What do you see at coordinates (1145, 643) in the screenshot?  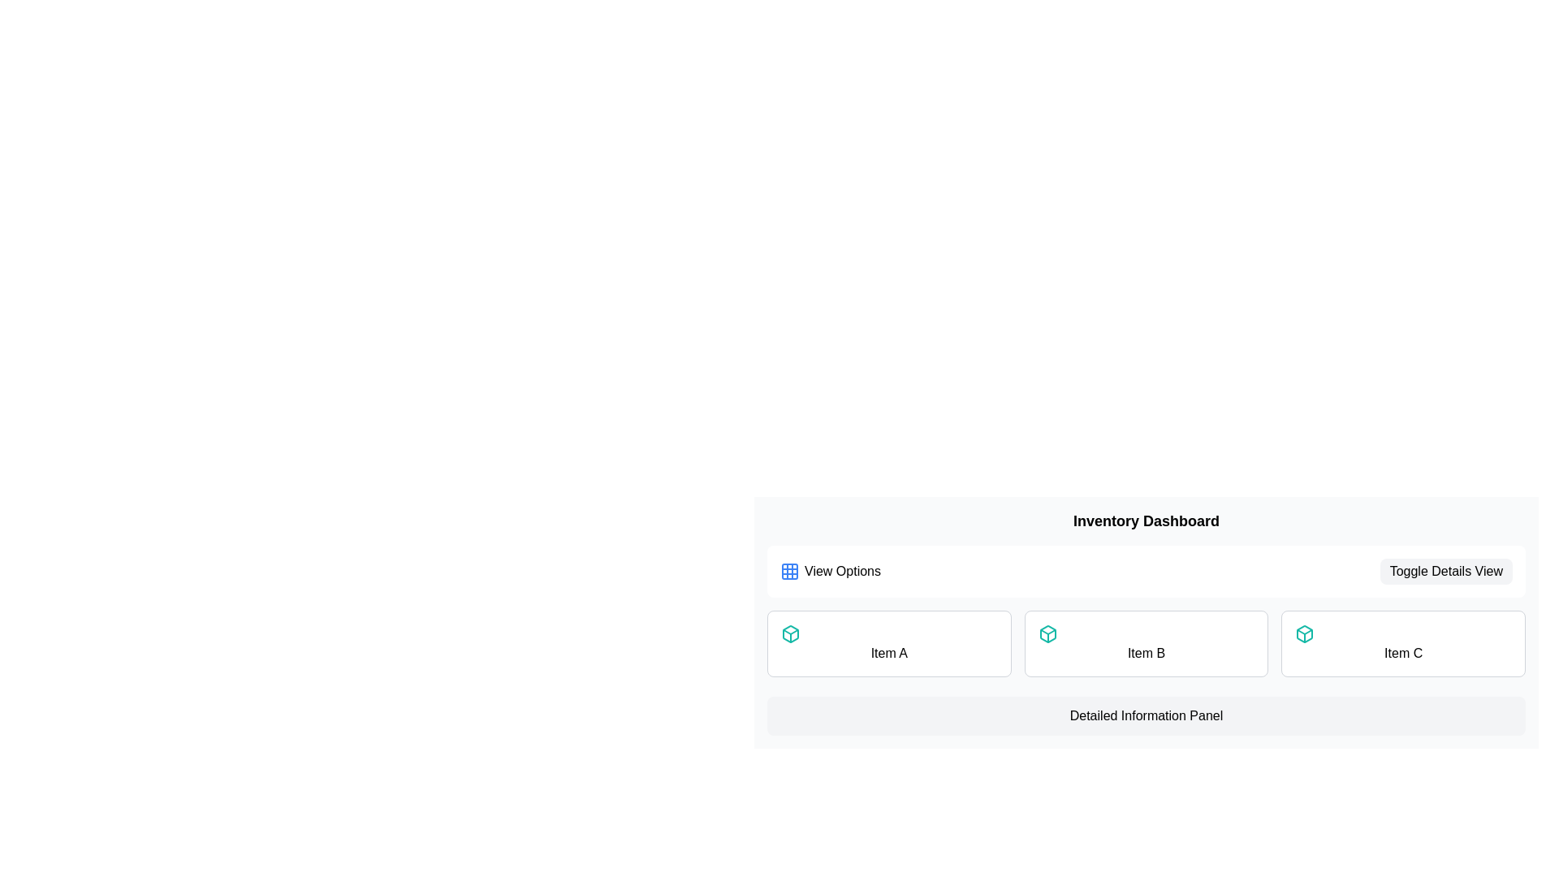 I see `'Item B' in the Group of labeled items with accompanying icons` at bounding box center [1145, 643].